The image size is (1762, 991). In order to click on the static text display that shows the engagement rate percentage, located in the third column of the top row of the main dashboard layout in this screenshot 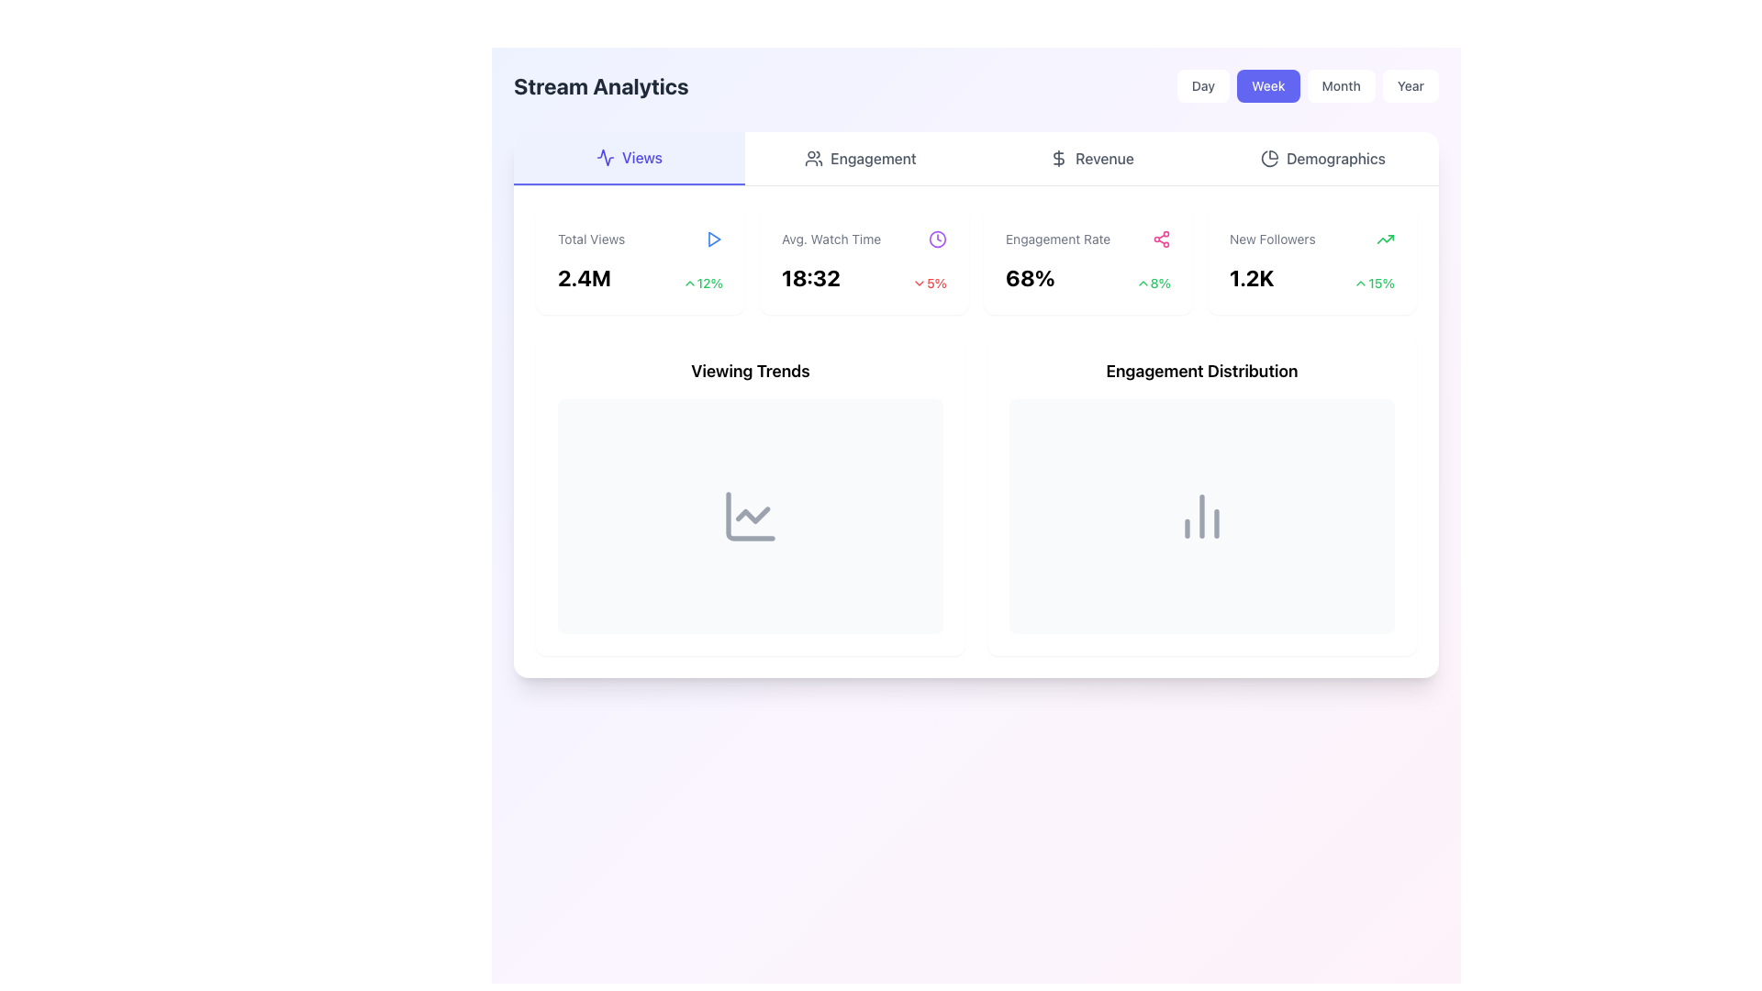, I will do `click(1030, 278)`.